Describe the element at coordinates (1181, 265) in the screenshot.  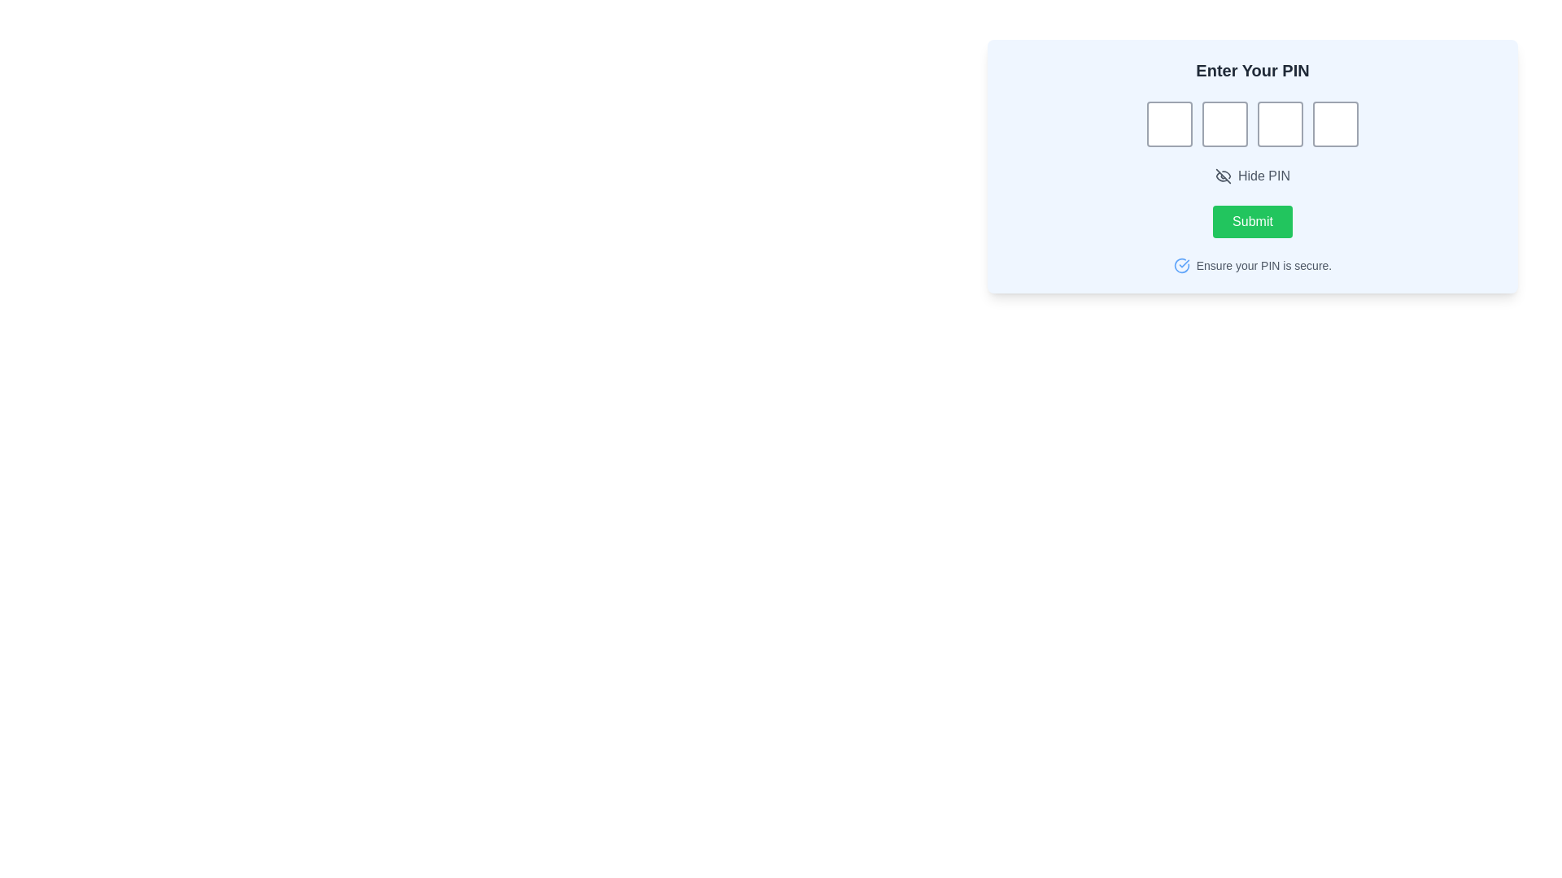
I see `the Decorative Icon, which is a circular icon outlined in blue with a white checkmark inside, located to the left of the text 'Ensure your PIN is secure.'` at that location.